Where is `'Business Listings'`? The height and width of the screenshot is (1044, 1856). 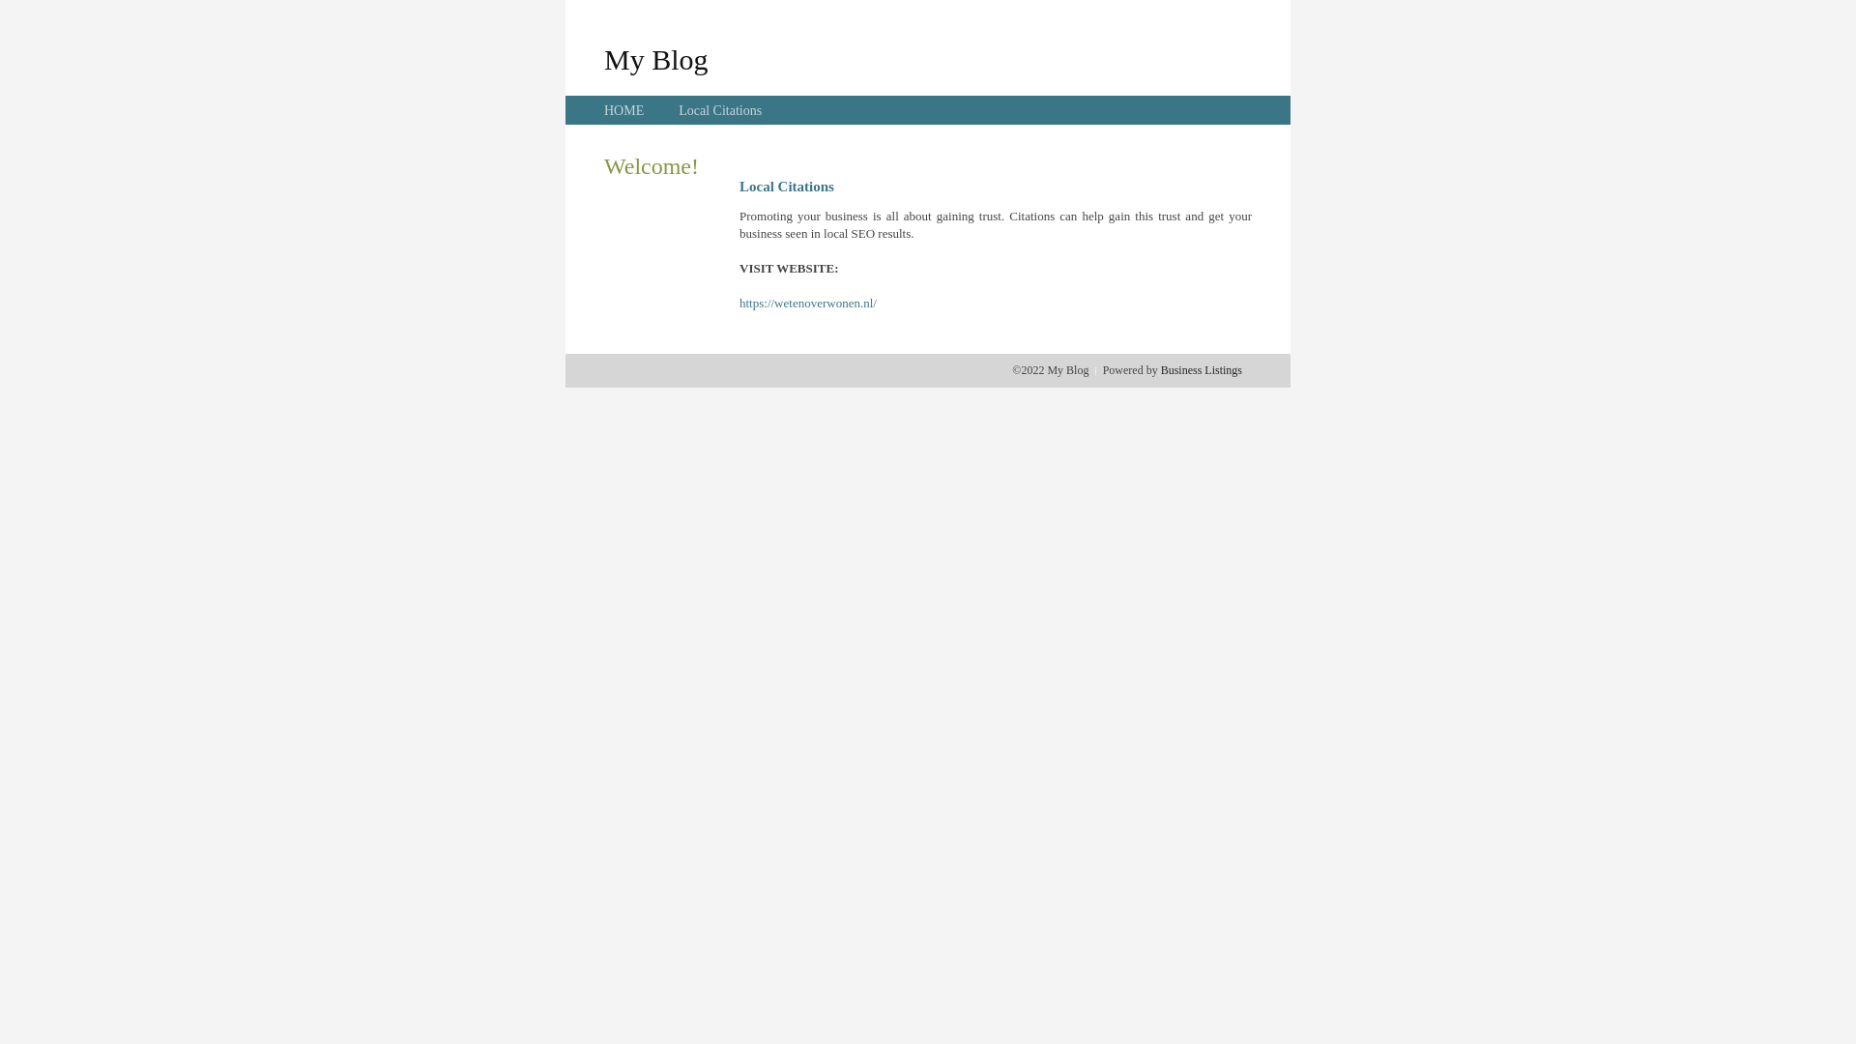
'Business Listings' is located at coordinates (1201, 369).